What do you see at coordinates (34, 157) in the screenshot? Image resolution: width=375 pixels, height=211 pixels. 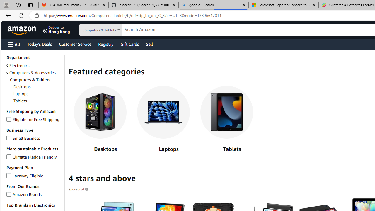 I see `'Climate Pledge FriendlyClimate Pledge Friendly'` at bounding box center [34, 157].